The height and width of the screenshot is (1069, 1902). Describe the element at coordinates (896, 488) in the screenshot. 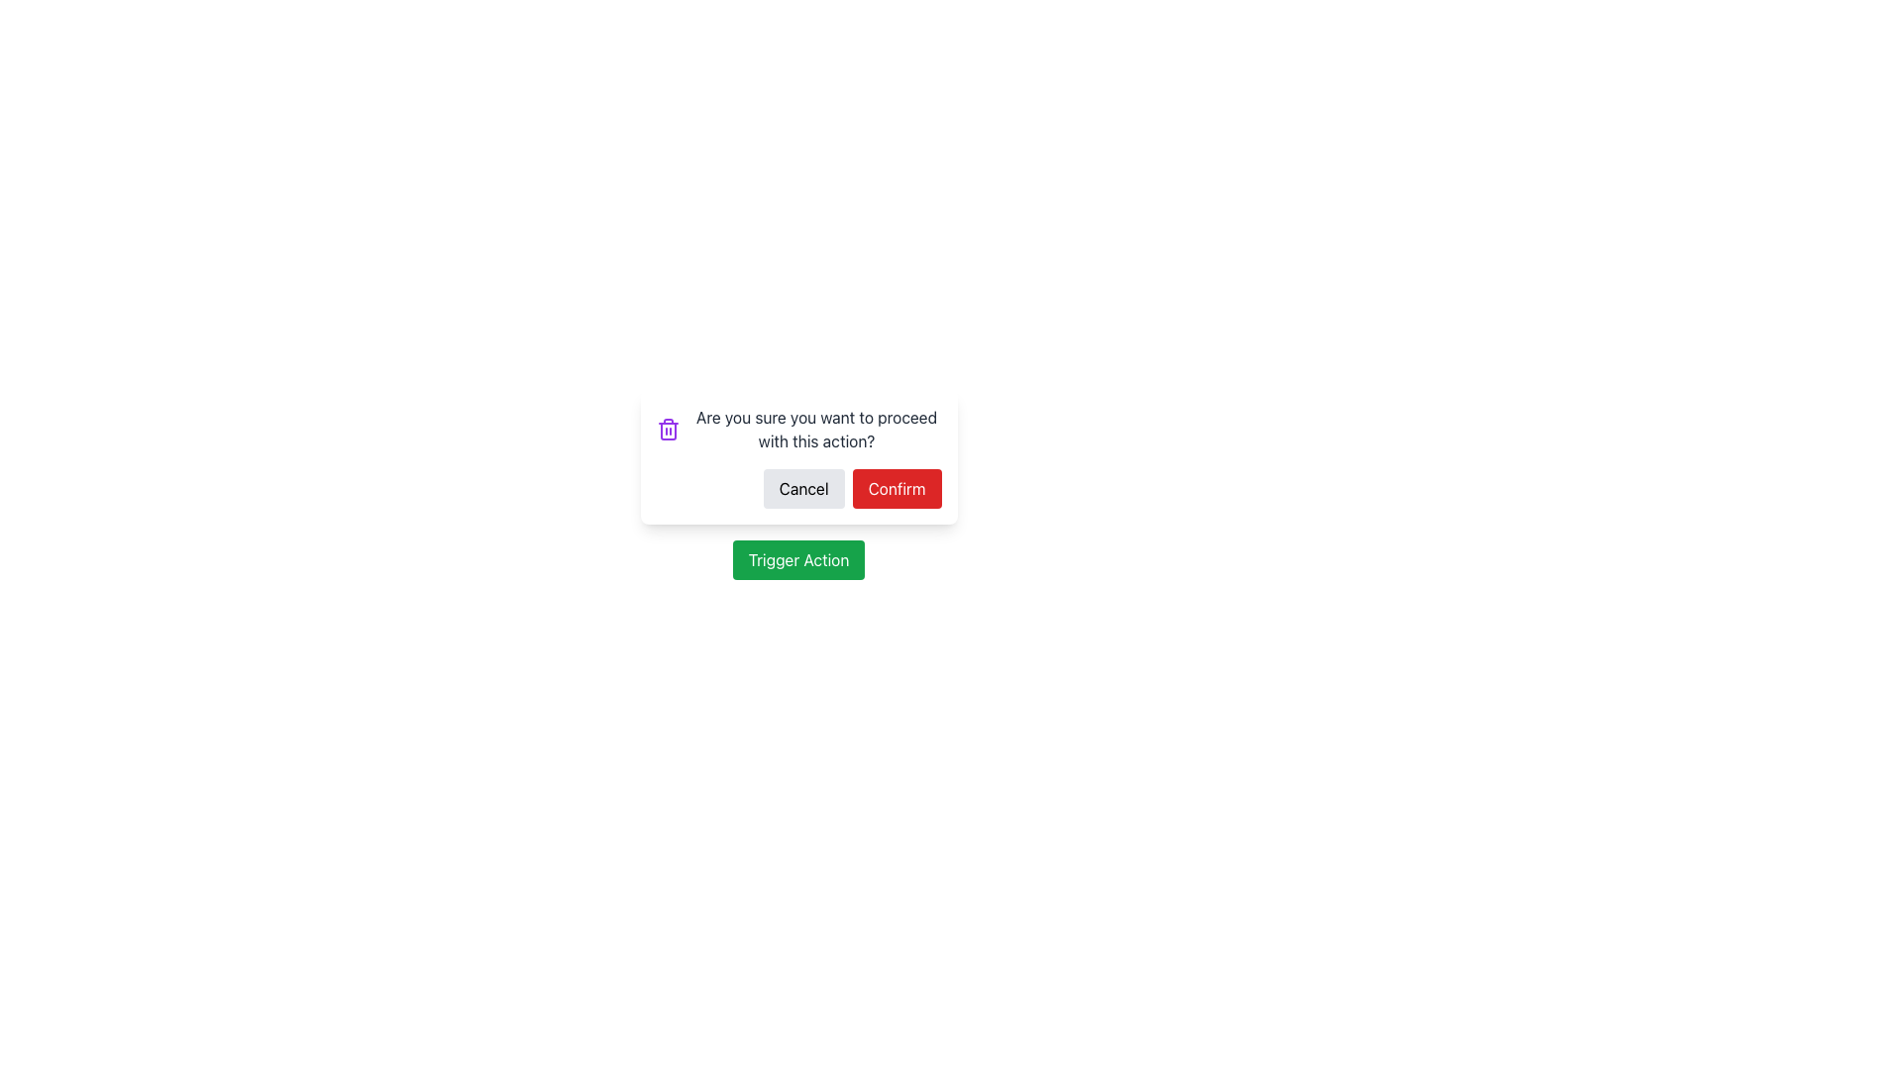

I see `the confirmation button located at the bottom-right corner of the dialog` at that location.